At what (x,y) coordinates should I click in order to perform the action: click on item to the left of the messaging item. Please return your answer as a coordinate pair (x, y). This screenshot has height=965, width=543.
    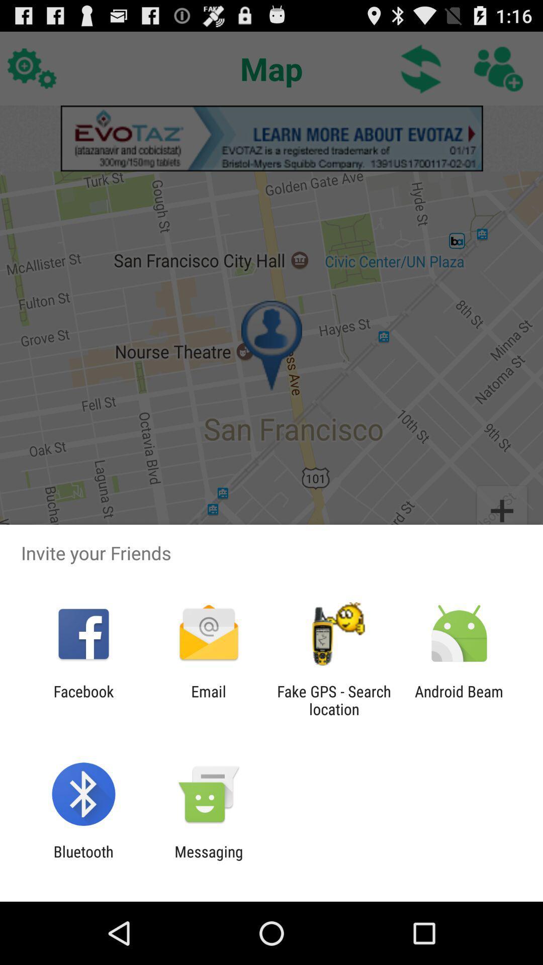
    Looking at the image, I should click on (83, 860).